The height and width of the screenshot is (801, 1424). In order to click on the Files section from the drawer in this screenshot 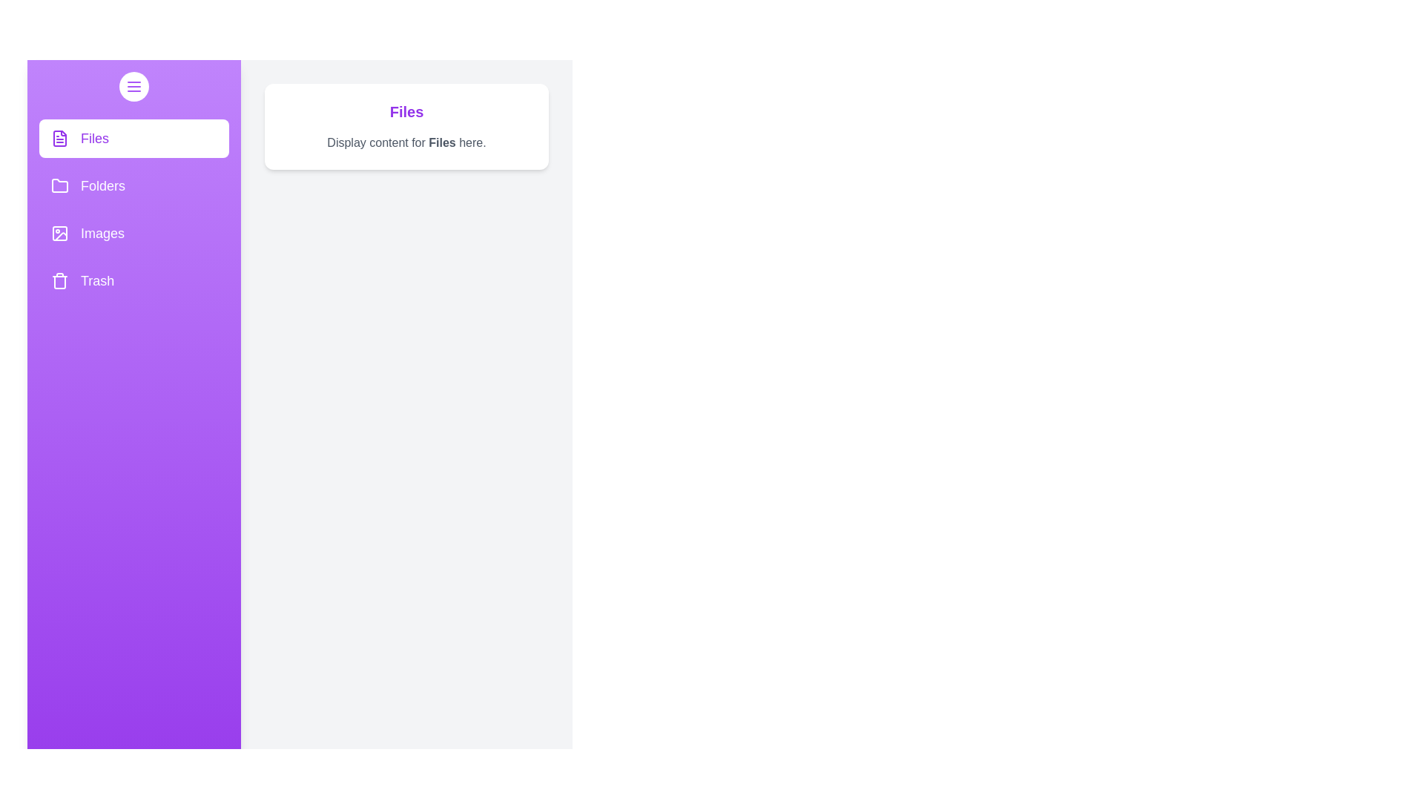, I will do `click(134, 138)`.